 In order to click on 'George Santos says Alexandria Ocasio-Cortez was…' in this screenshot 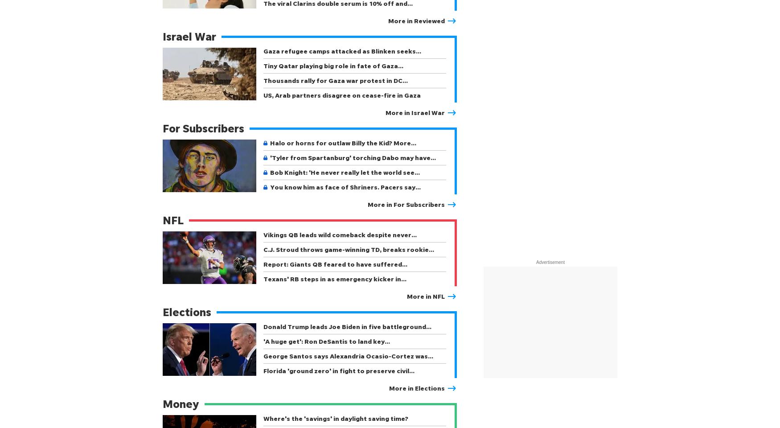, I will do `click(263, 356)`.